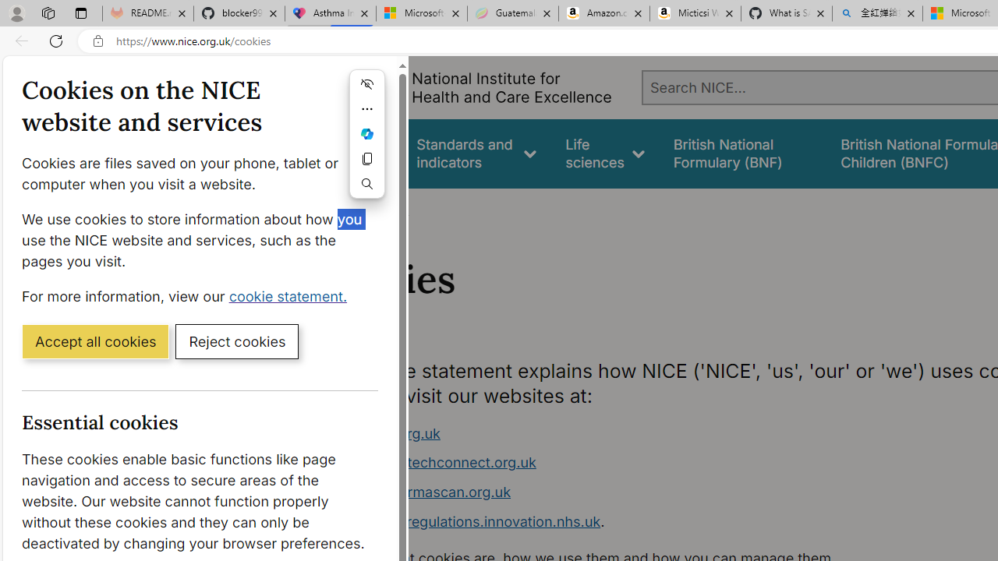  What do you see at coordinates (291, 295) in the screenshot?
I see `'cookie statement. (Opens in a new window)'` at bounding box center [291, 295].